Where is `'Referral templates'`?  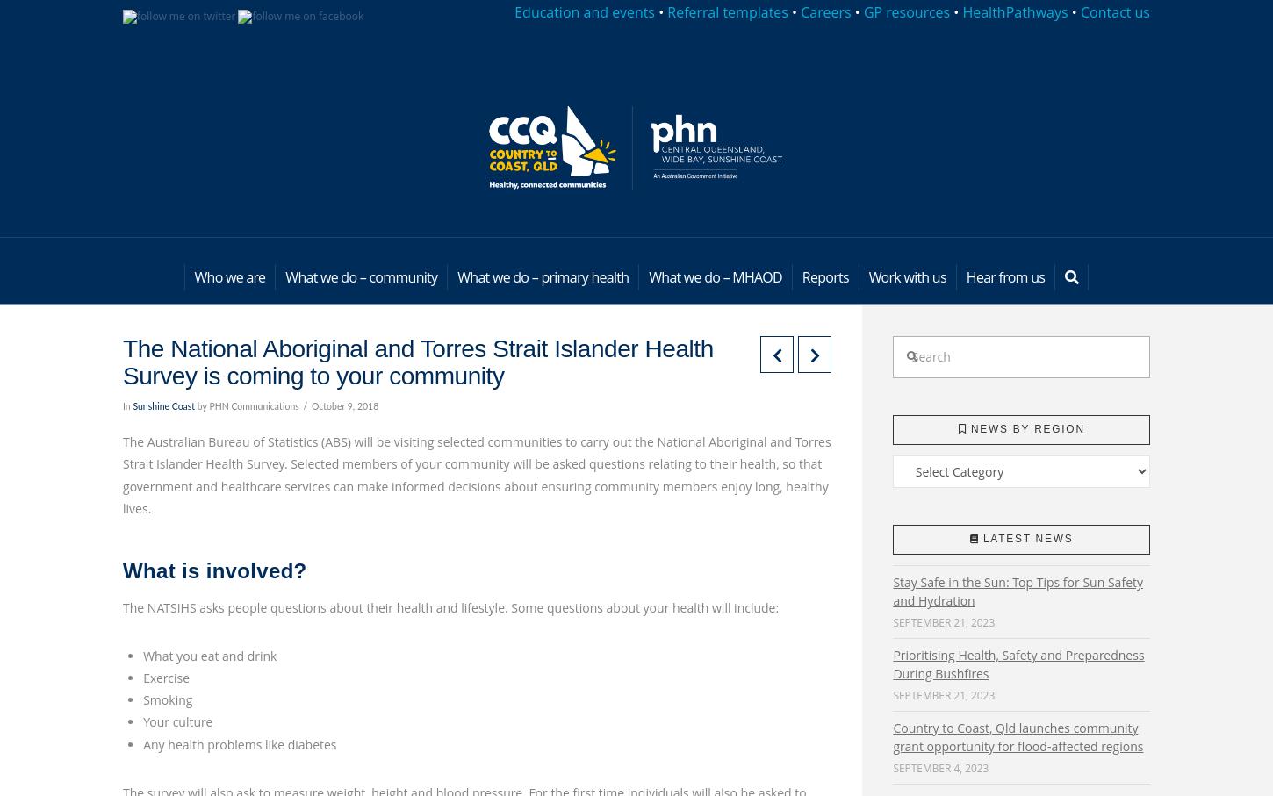
'Referral templates' is located at coordinates (727, 11).